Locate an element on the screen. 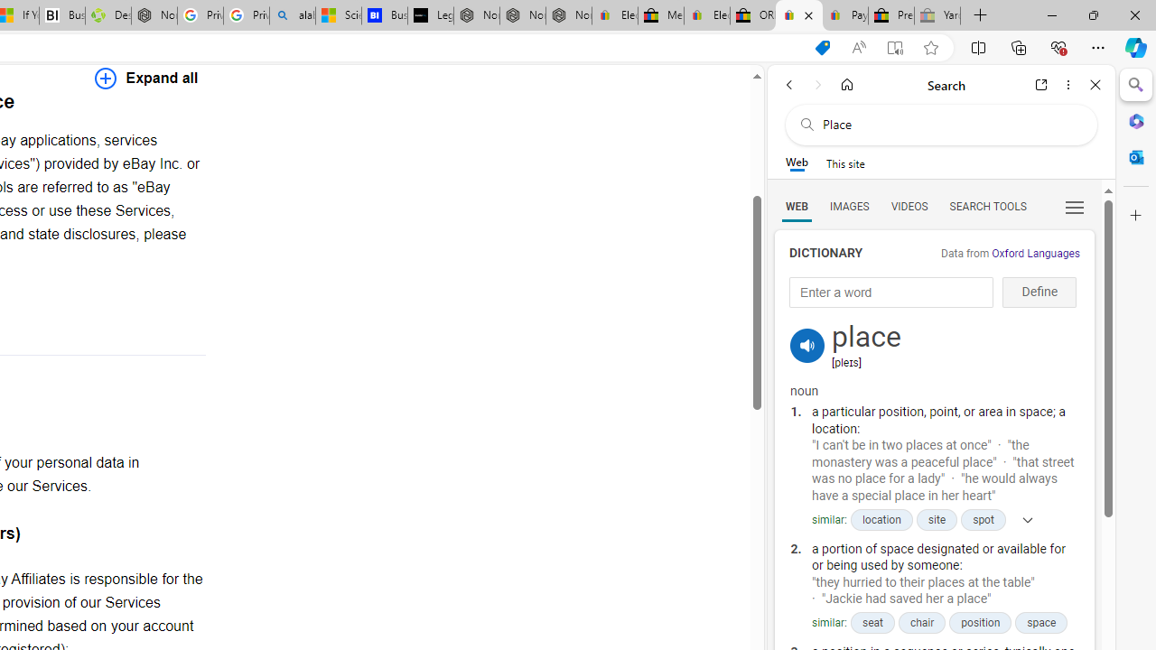 Image resolution: width=1156 pixels, height=650 pixels. 'Web scope' is located at coordinates (796, 162).